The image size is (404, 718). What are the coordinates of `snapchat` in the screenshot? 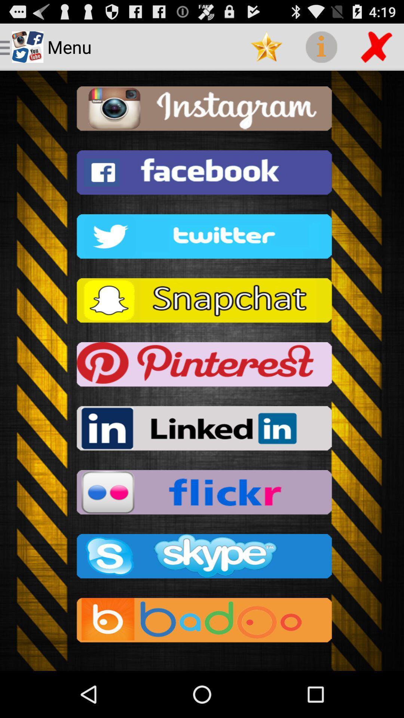 It's located at (202, 303).